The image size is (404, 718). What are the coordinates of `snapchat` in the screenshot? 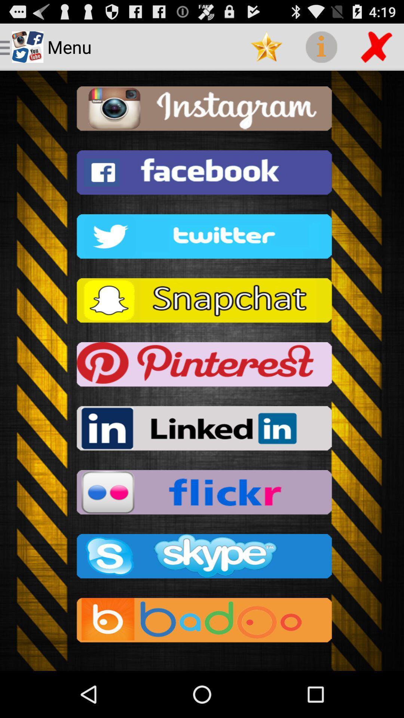 It's located at (202, 303).